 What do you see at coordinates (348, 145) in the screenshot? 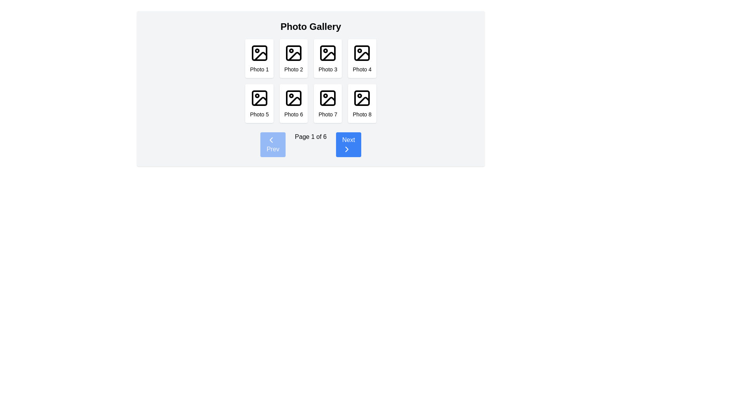
I see `the 'Next' button, which is a rectangular button with a blue background and white text` at bounding box center [348, 145].